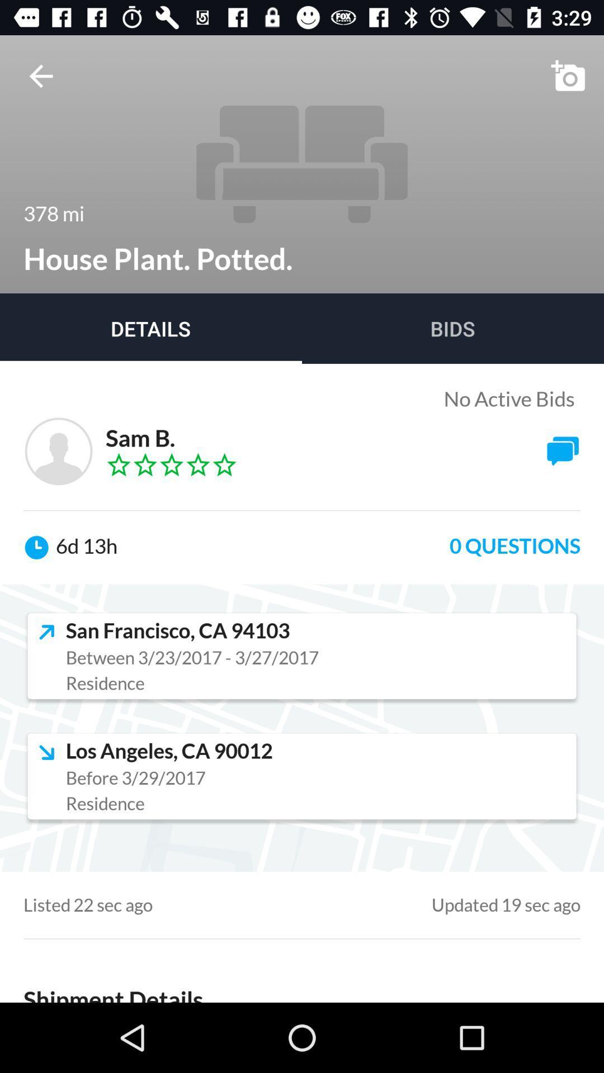  What do you see at coordinates (563, 451) in the screenshot?
I see `the chat icon` at bounding box center [563, 451].